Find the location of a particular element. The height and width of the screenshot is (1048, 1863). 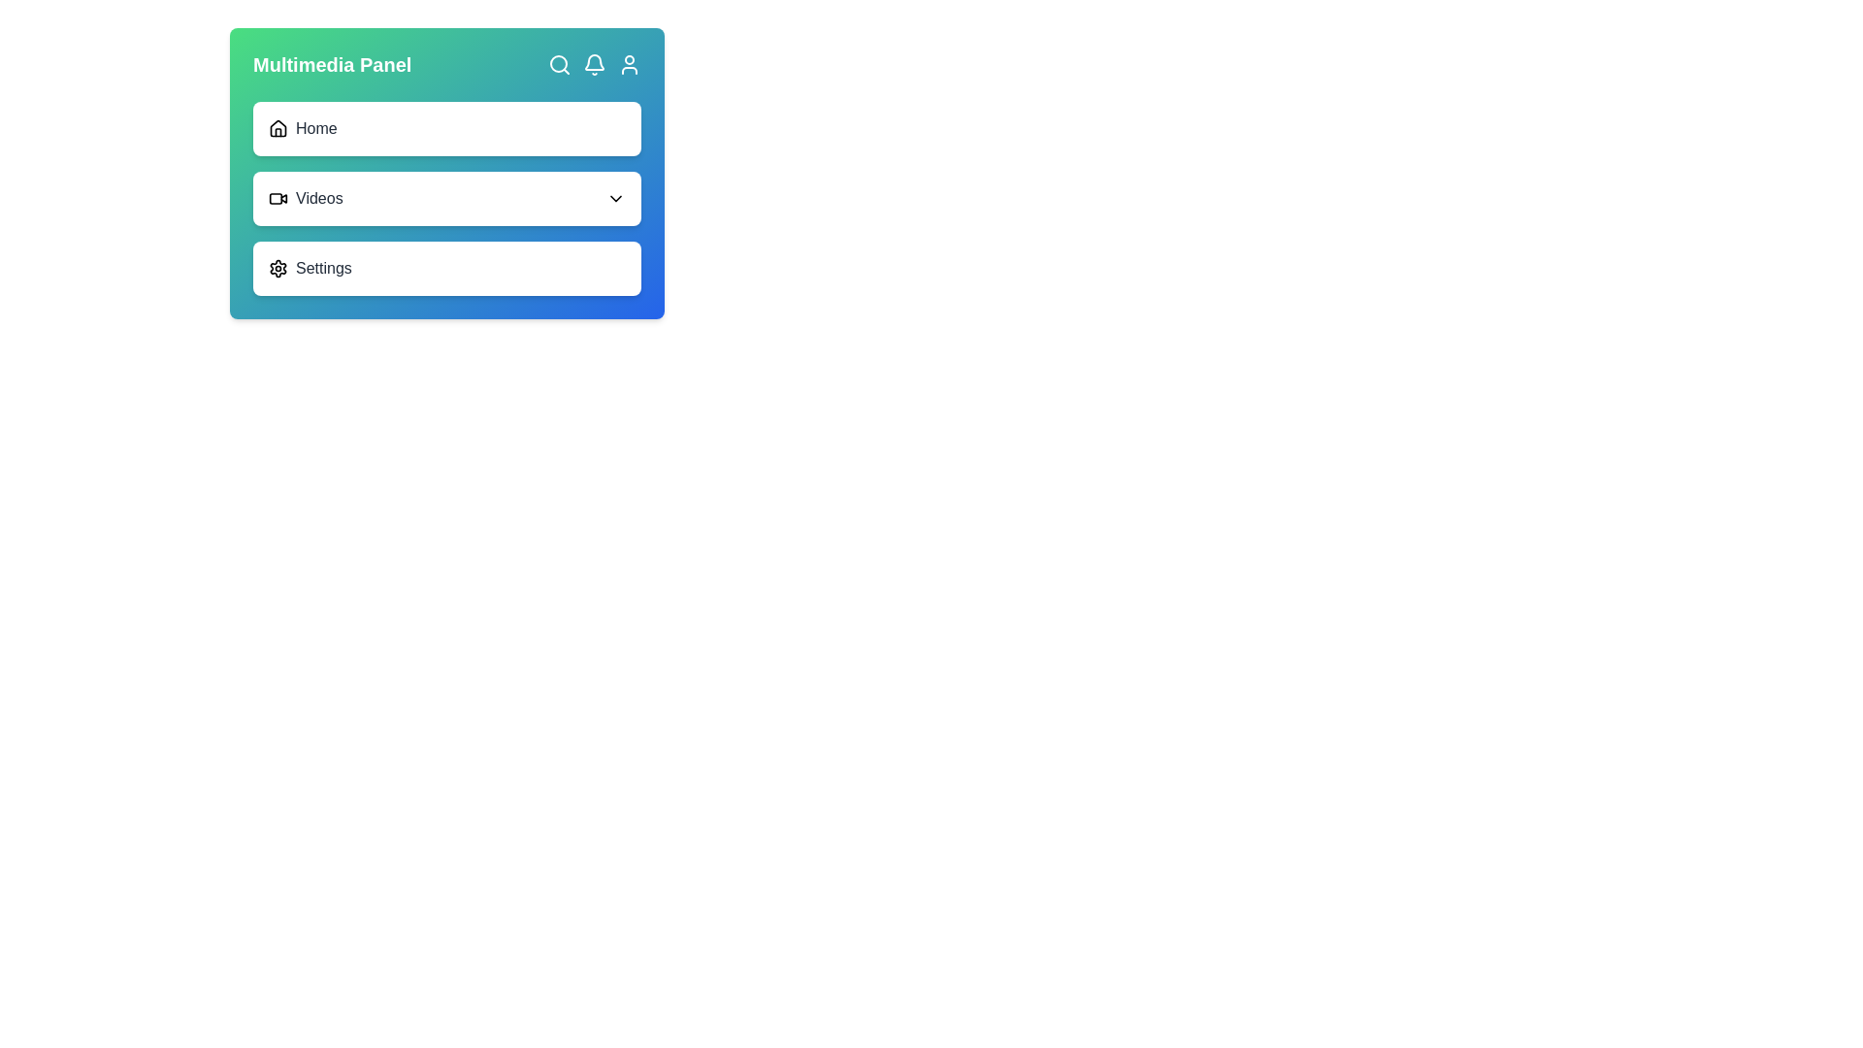

the gear-shaped SVG icon associated with settings located to the left of the 'Settings' text in the bottom section of the vertical menu is located at coordinates (278, 269).